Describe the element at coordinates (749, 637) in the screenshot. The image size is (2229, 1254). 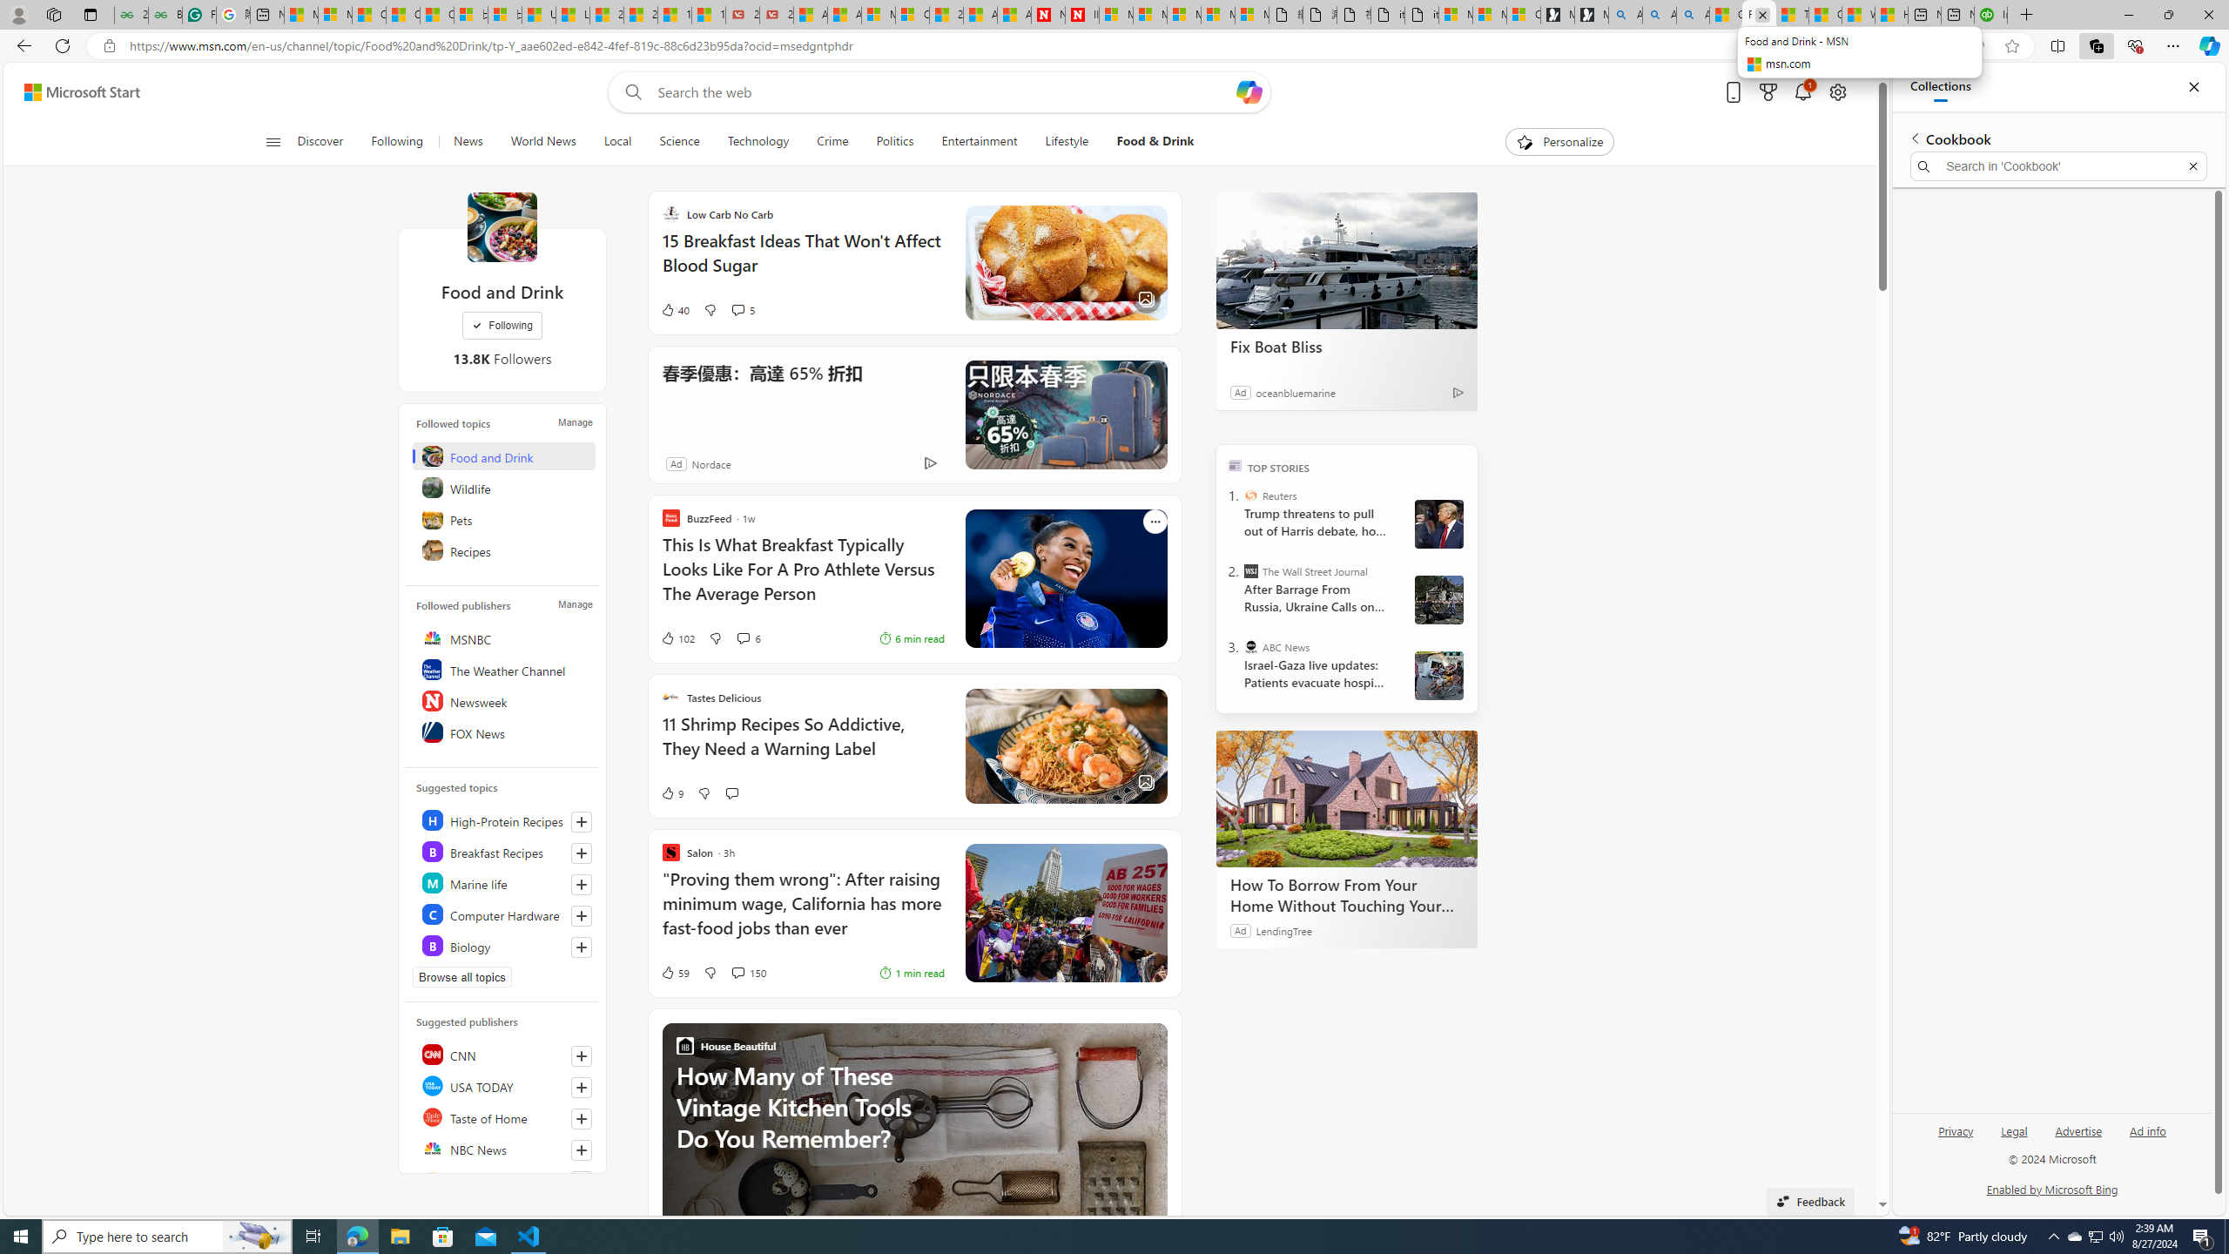
I see `'View comments 6 Comment'` at that location.